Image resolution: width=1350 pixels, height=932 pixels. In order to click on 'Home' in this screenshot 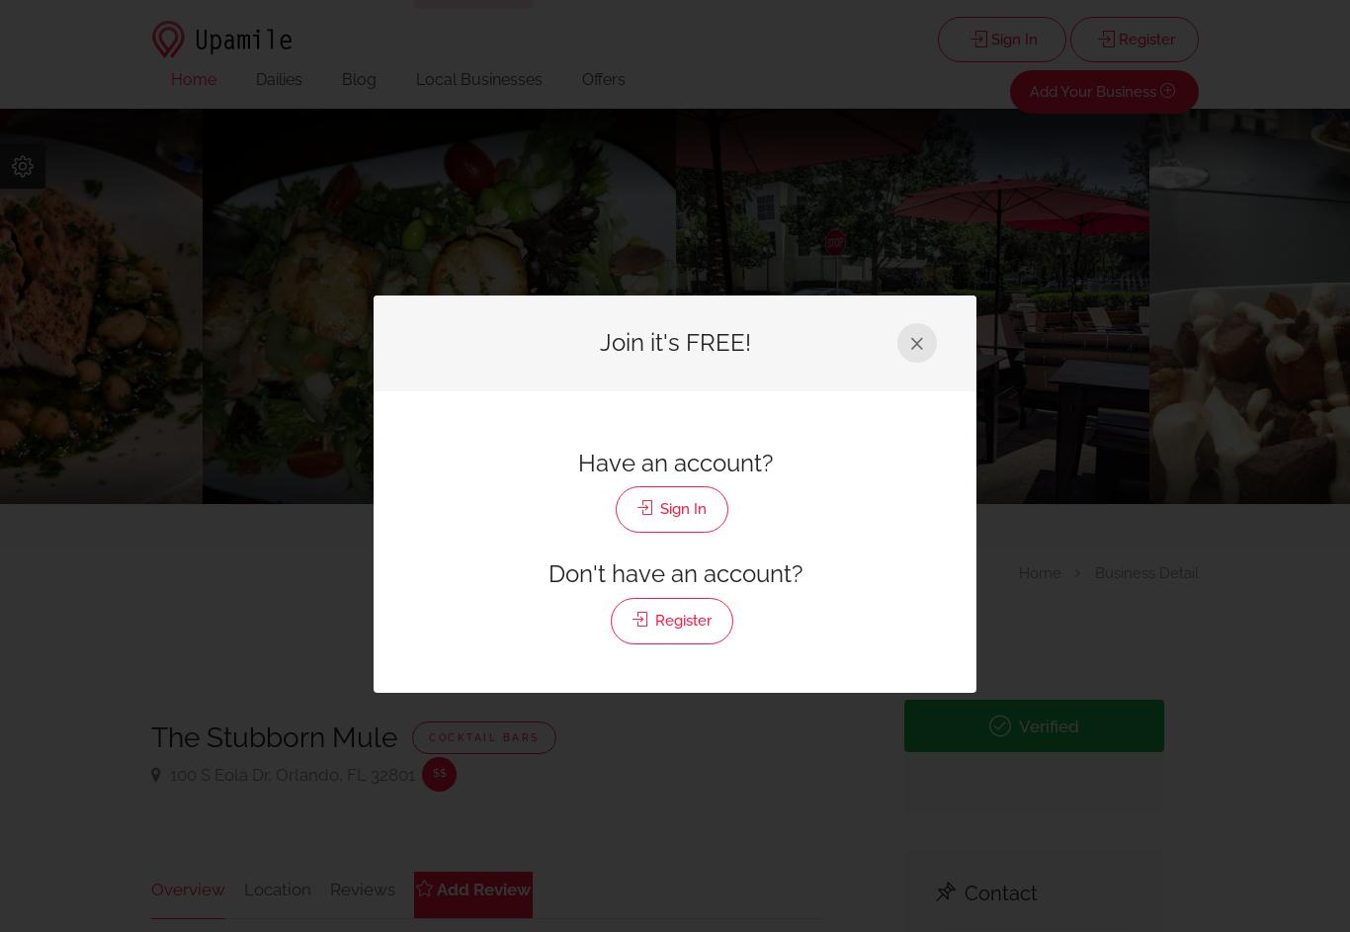, I will do `click(193, 77)`.